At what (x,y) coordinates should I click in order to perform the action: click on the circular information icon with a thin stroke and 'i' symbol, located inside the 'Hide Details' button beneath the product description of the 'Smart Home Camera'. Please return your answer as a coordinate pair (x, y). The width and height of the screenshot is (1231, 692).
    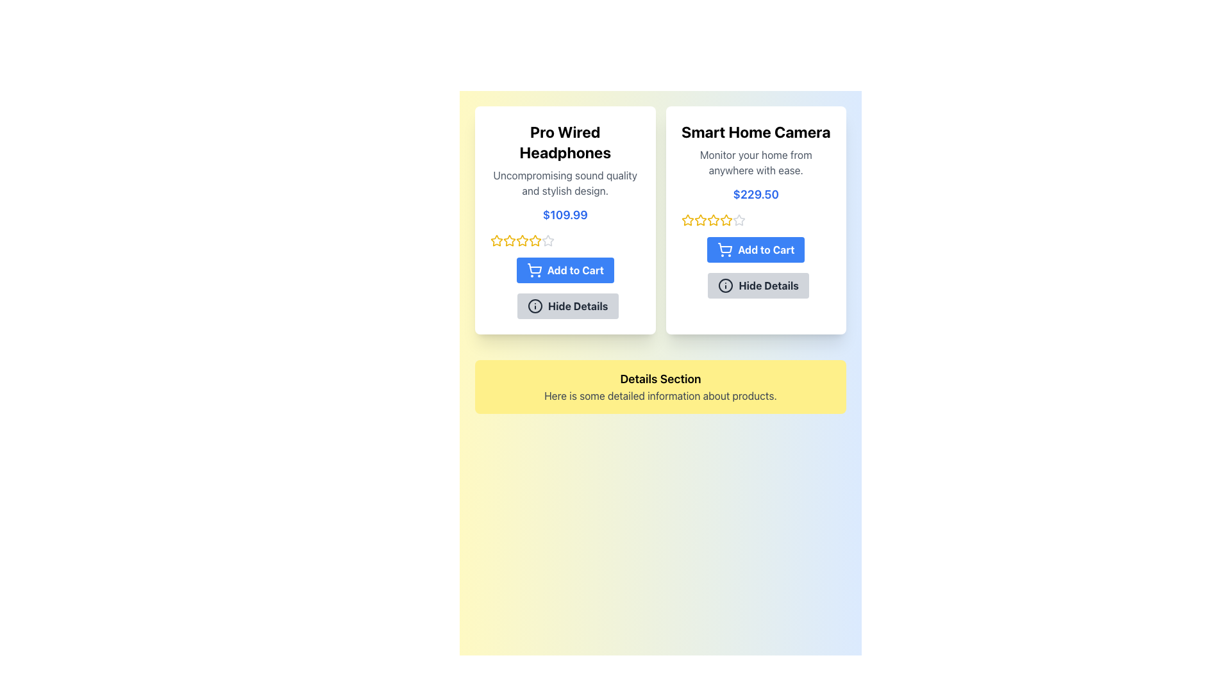
    Looking at the image, I should click on (726, 285).